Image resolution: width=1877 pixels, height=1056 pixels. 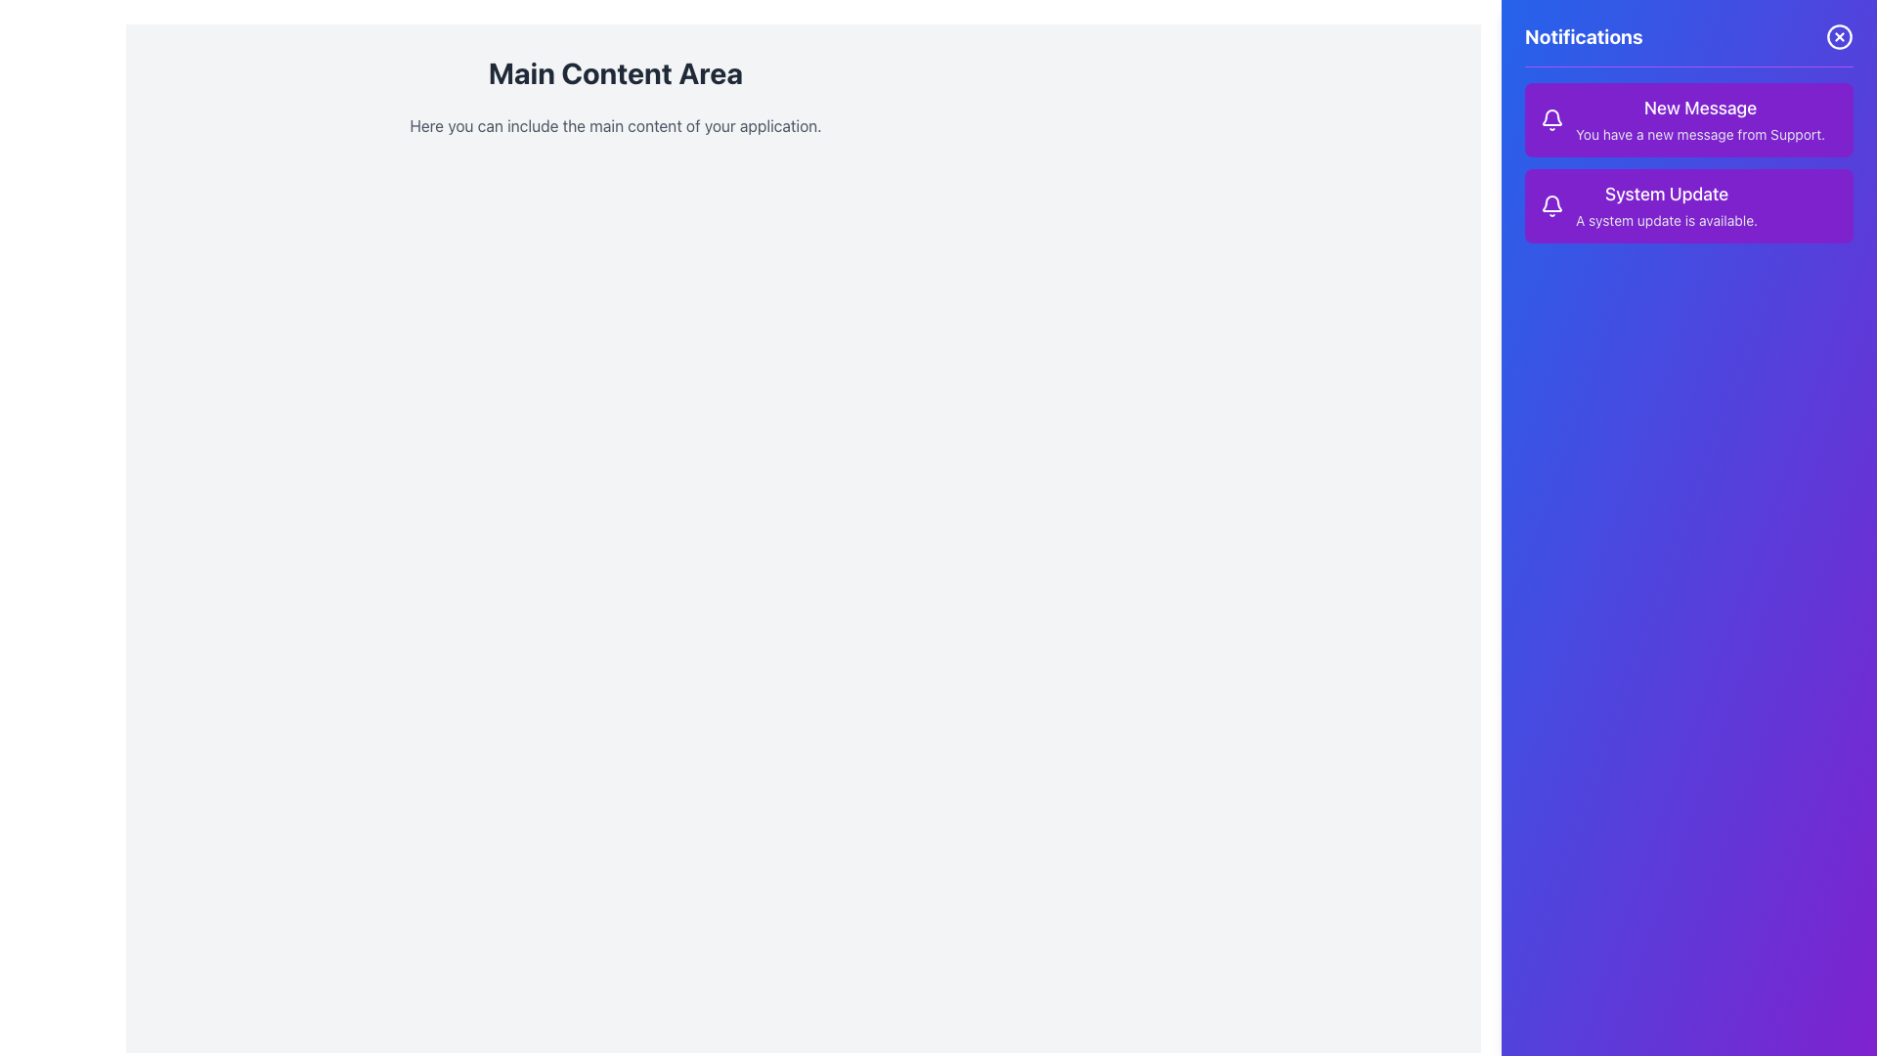 What do you see at coordinates (1699, 133) in the screenshot?
I see `static text notification message that informs the user about receiving a new message from 'Support' located beneath the heading 'New Message' in the notification panel` at bounding box center [1699, 133].